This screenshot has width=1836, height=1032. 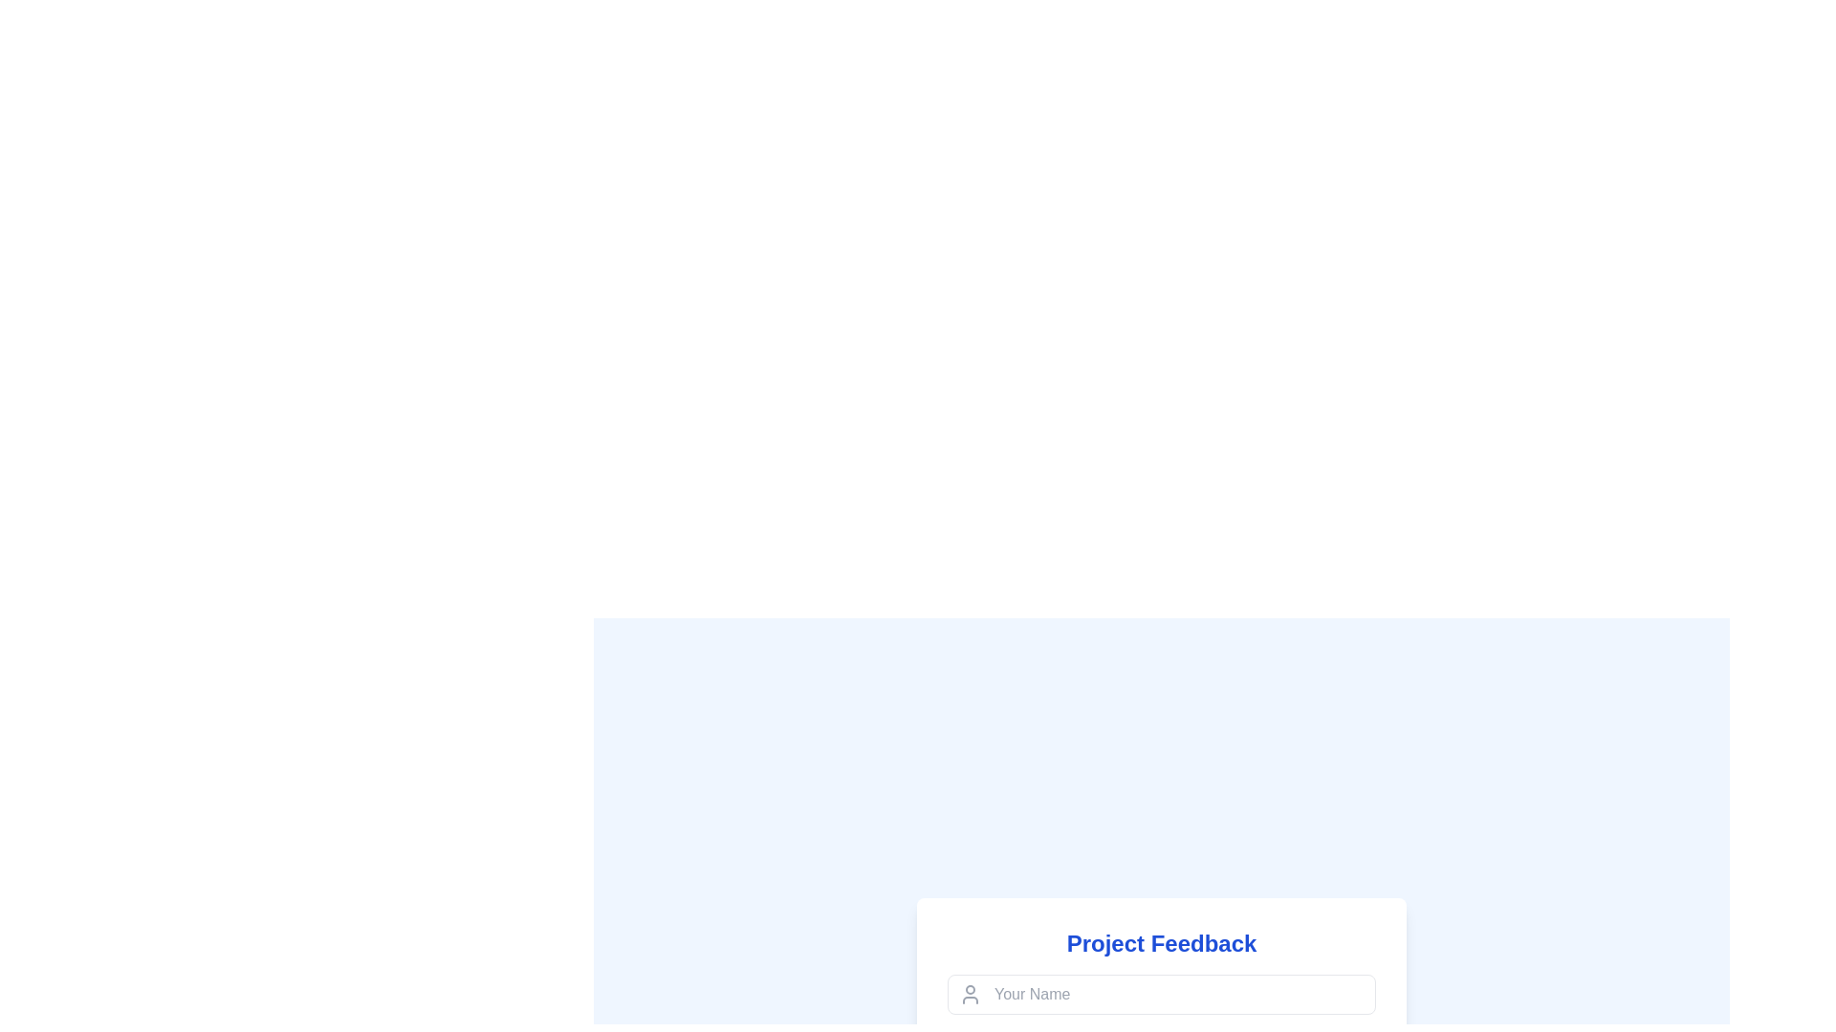 What do you see at coordinates (970, 993) in the screenshot?
I see `the user icon, which is a minimalistic gray circular head and shoulders silhouette positioned to the left inside the input field for the 'Project Feedback' form area` at bounding box center [970, 993].